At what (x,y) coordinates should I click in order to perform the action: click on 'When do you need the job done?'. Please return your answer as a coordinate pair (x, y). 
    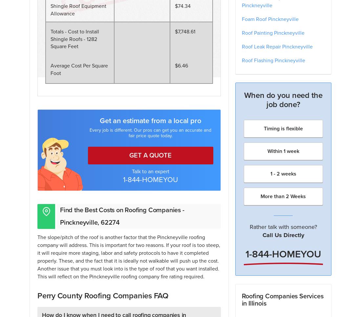
    Looking at the image, I should click on (283, 100).